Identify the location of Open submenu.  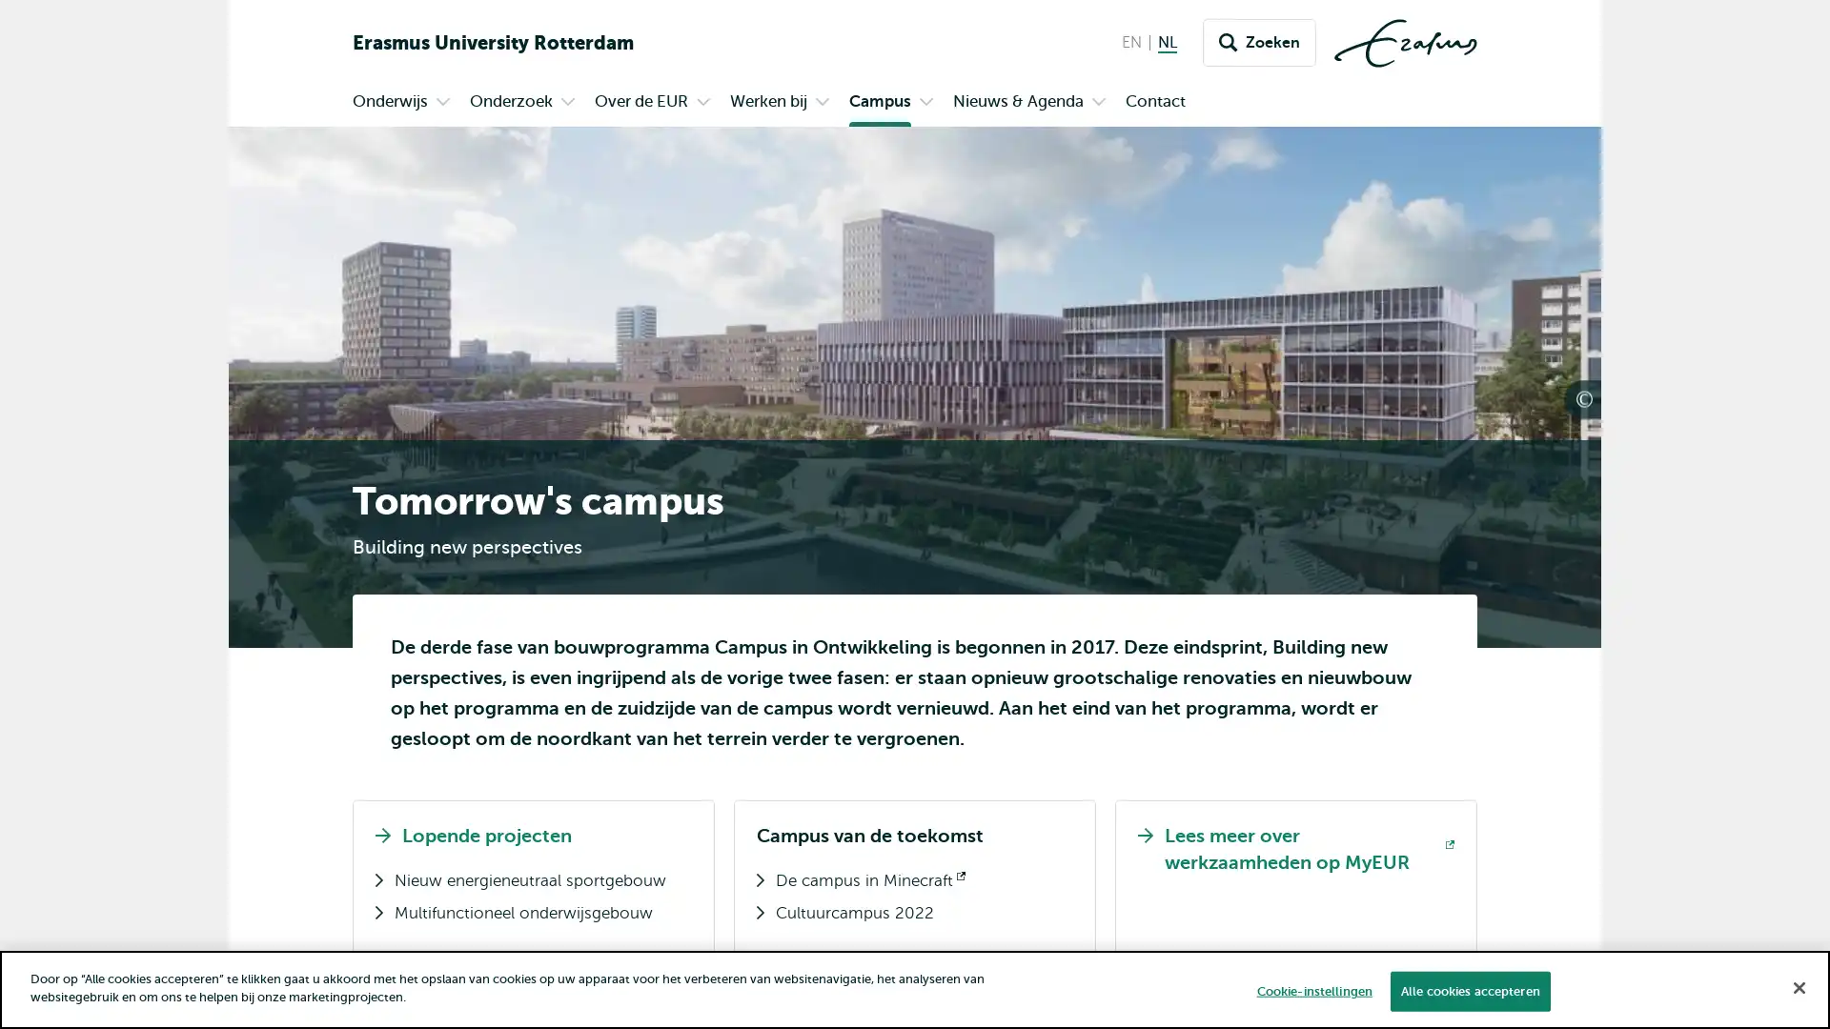
(442, 103).